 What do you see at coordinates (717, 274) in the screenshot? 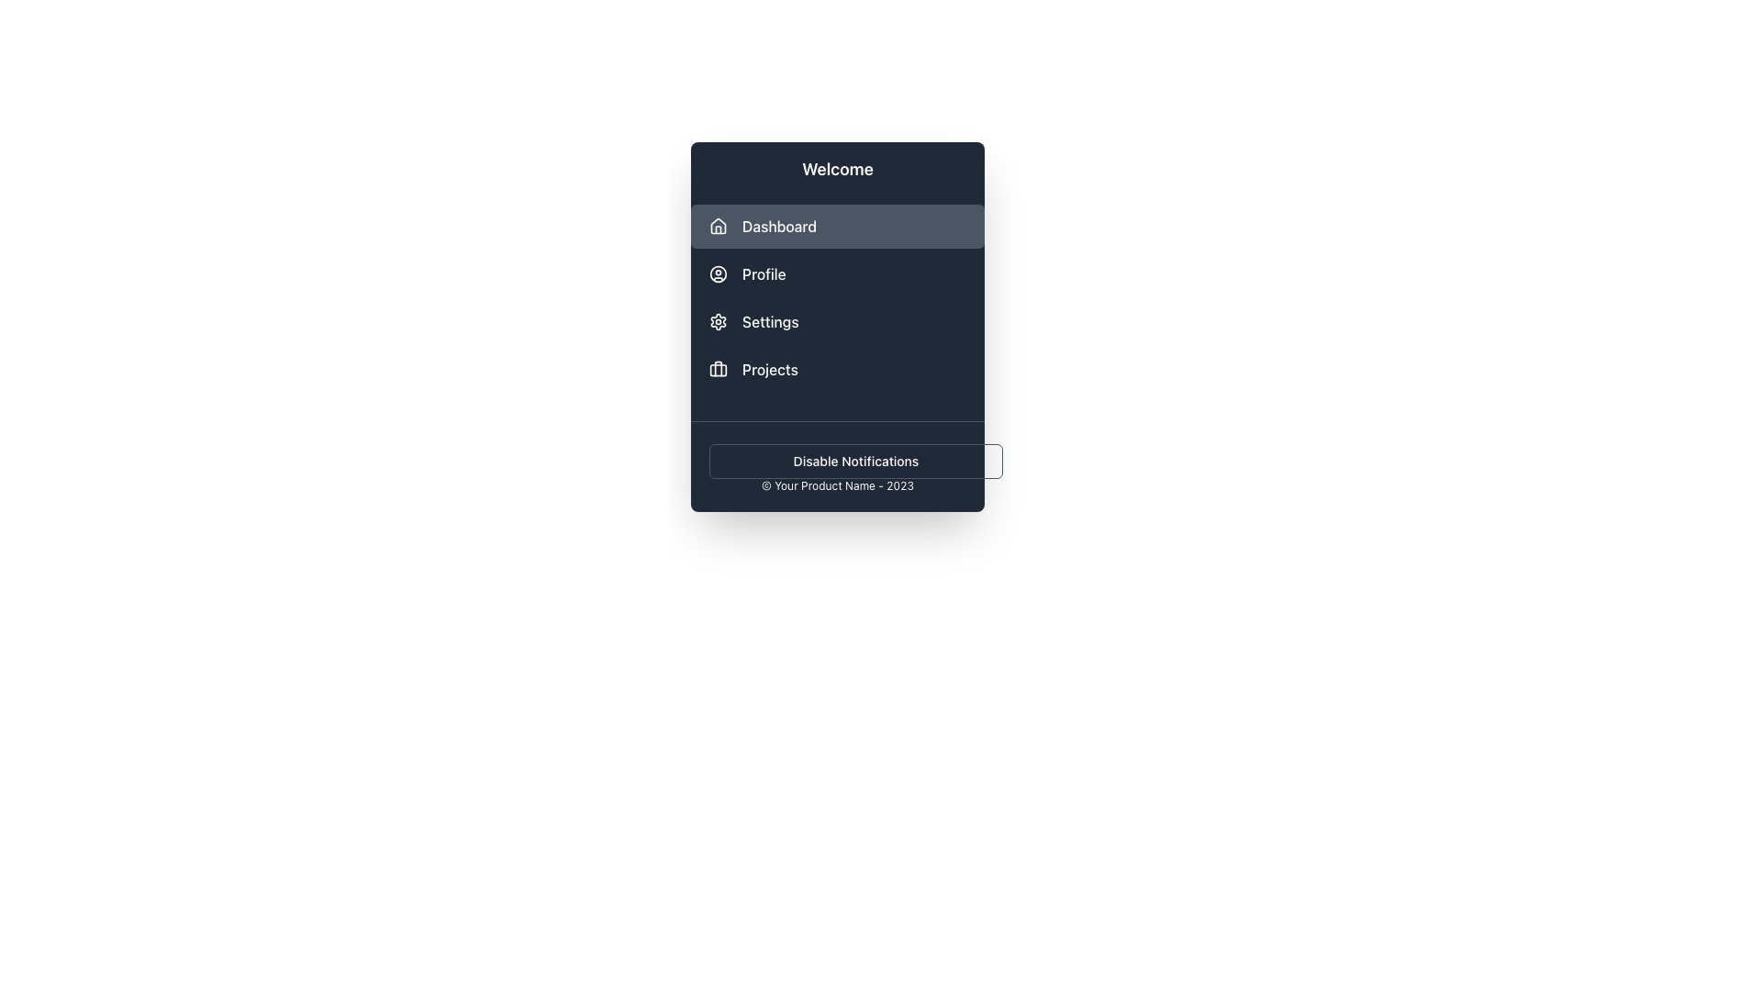
I see `the user profile icon, which is the first icon associated with the 'Profile' option in the navigation menu, featuring a circular outline and a dark background with a white outline` at bounding box center [717, 274].